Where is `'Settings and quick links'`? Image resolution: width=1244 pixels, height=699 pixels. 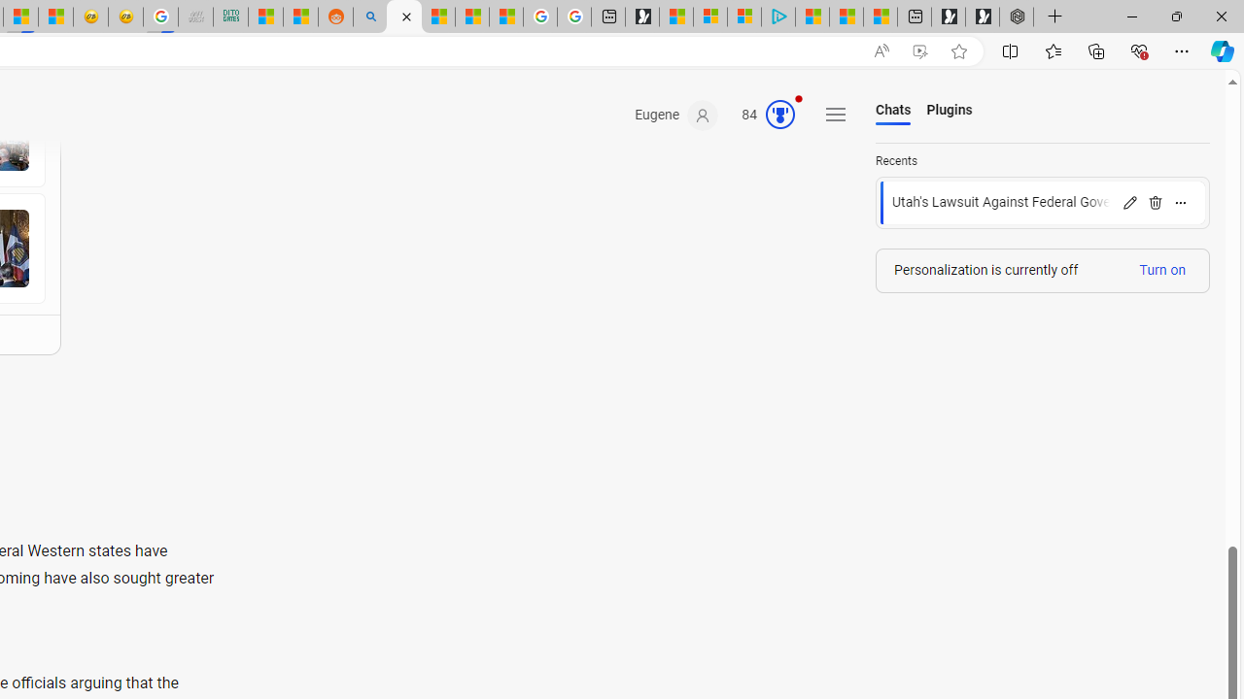
'Settings and quick links' is located at coordinates (836, 115).